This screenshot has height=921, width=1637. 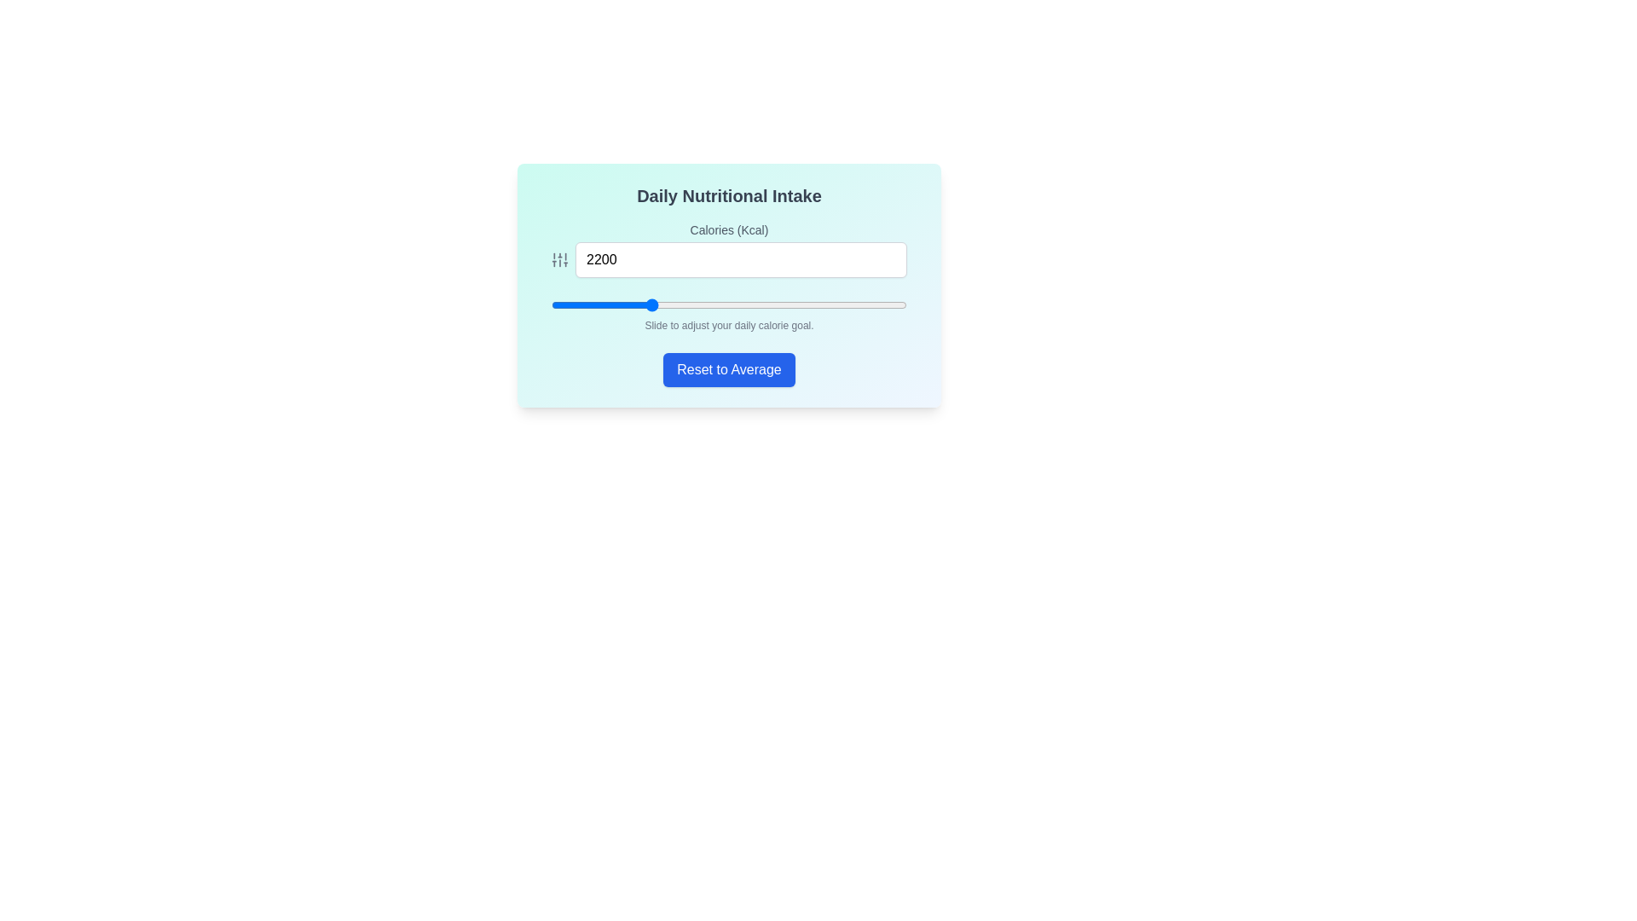 I want to click on the icon that opens or represents a menu for adjusting settings, located to the left of the text input box displaying '2200', so click(x=560, y=259).